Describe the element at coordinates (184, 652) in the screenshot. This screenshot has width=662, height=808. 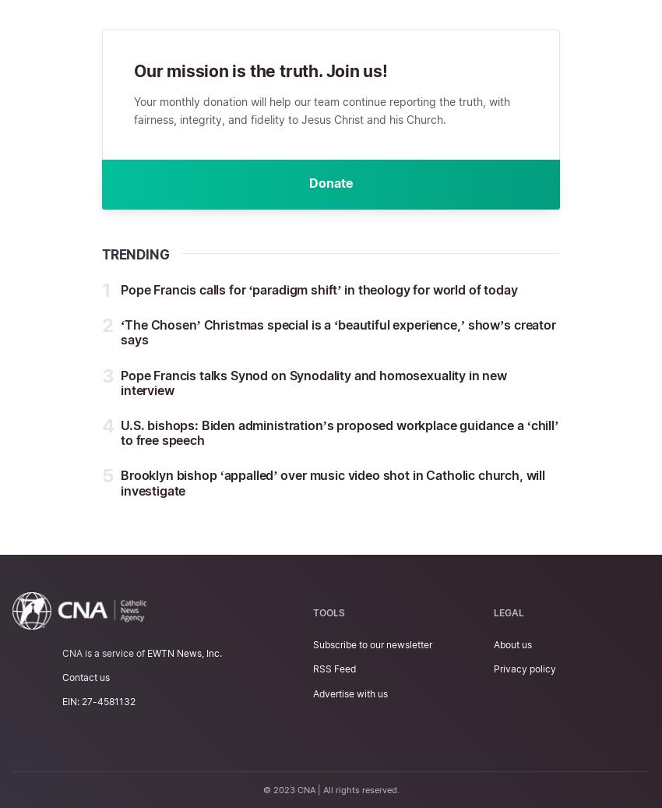
I see `'EWTN News, Inc.'` at that location.